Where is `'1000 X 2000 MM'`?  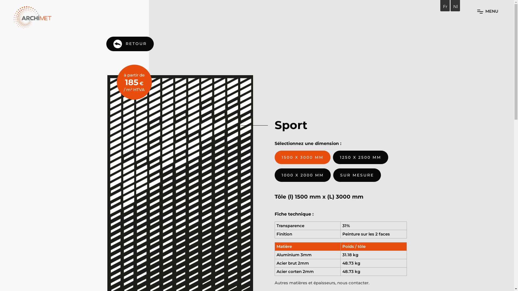
'1000 X 2000 MM' is located at coordinates (303, 175).